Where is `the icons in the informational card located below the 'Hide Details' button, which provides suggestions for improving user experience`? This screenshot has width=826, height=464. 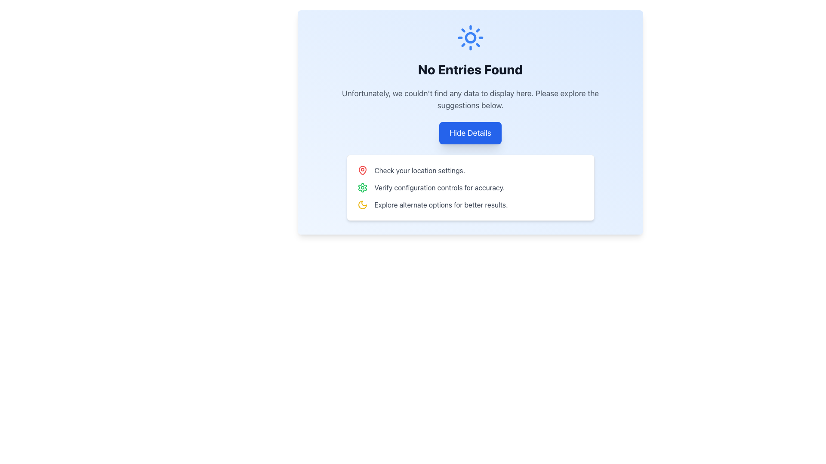 the icons in the informational card located below the 'Hide Details' button, which provides suggestions for improving user experience is located at coordinates (470, 187).